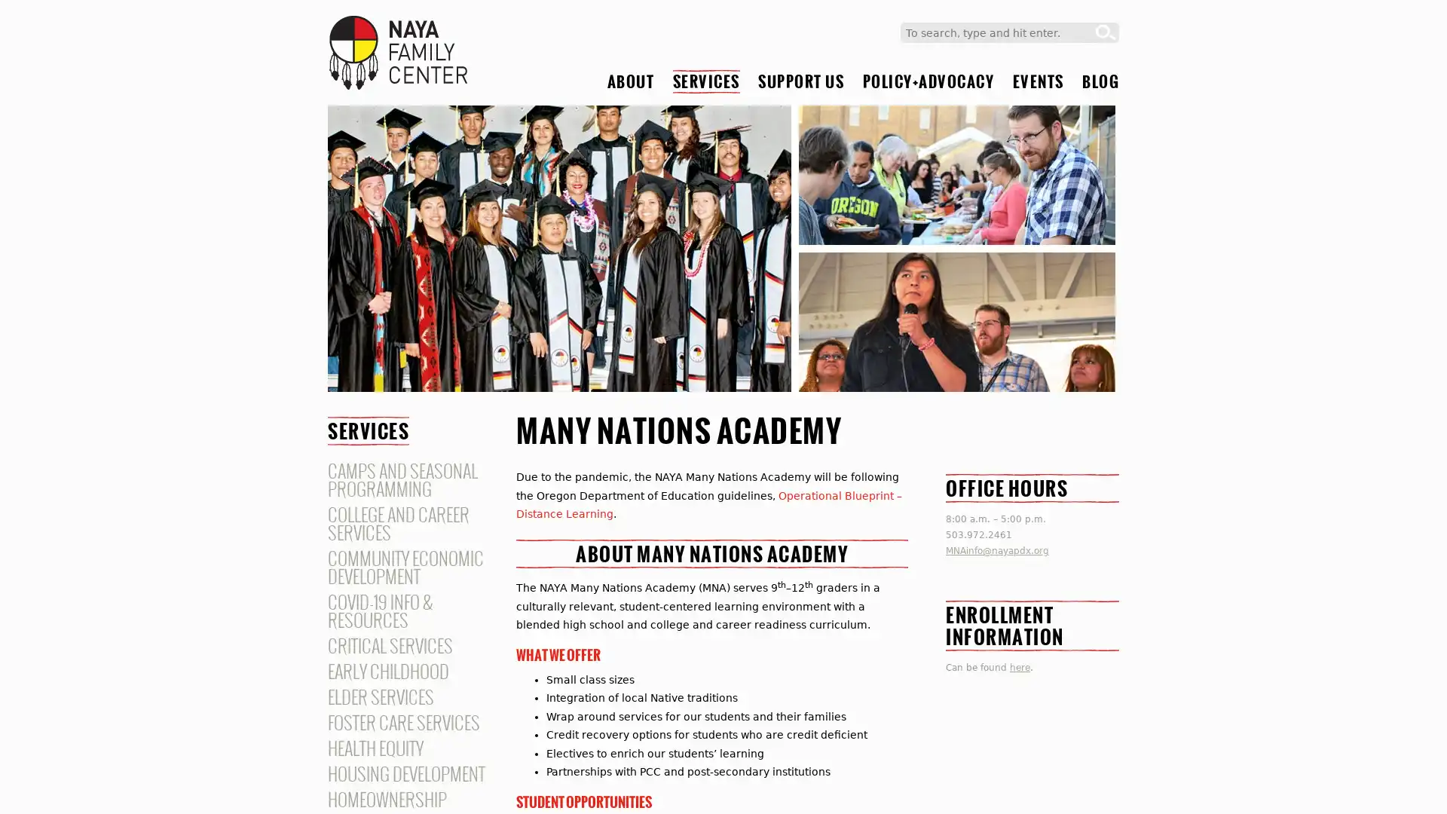 This screenshot has height=814, width=1447. I want to click on Search, so click(1106, 32).